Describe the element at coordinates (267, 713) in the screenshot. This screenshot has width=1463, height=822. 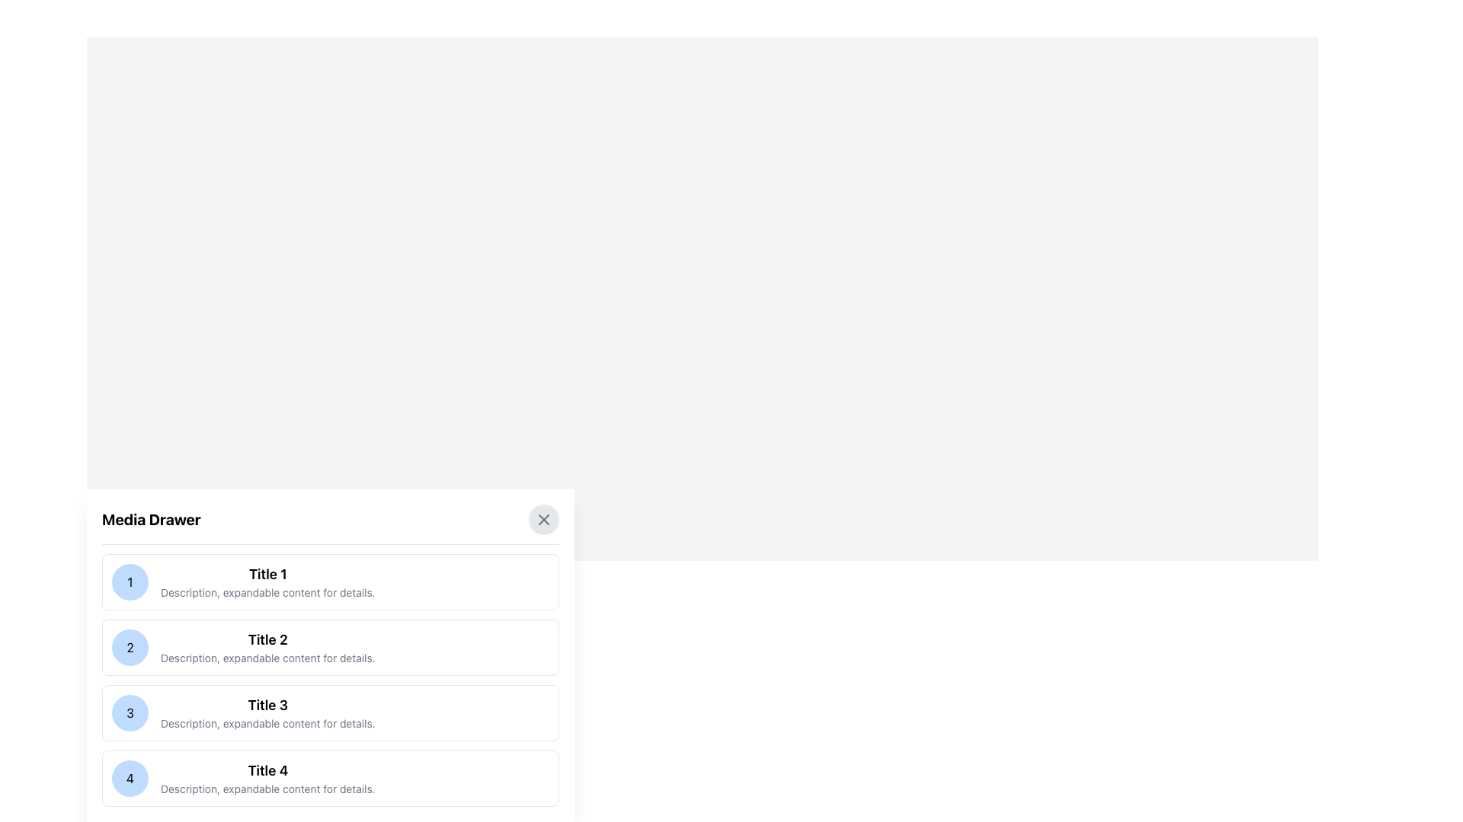
I see `the list item with title and description text located in the third row of the list` at that location.